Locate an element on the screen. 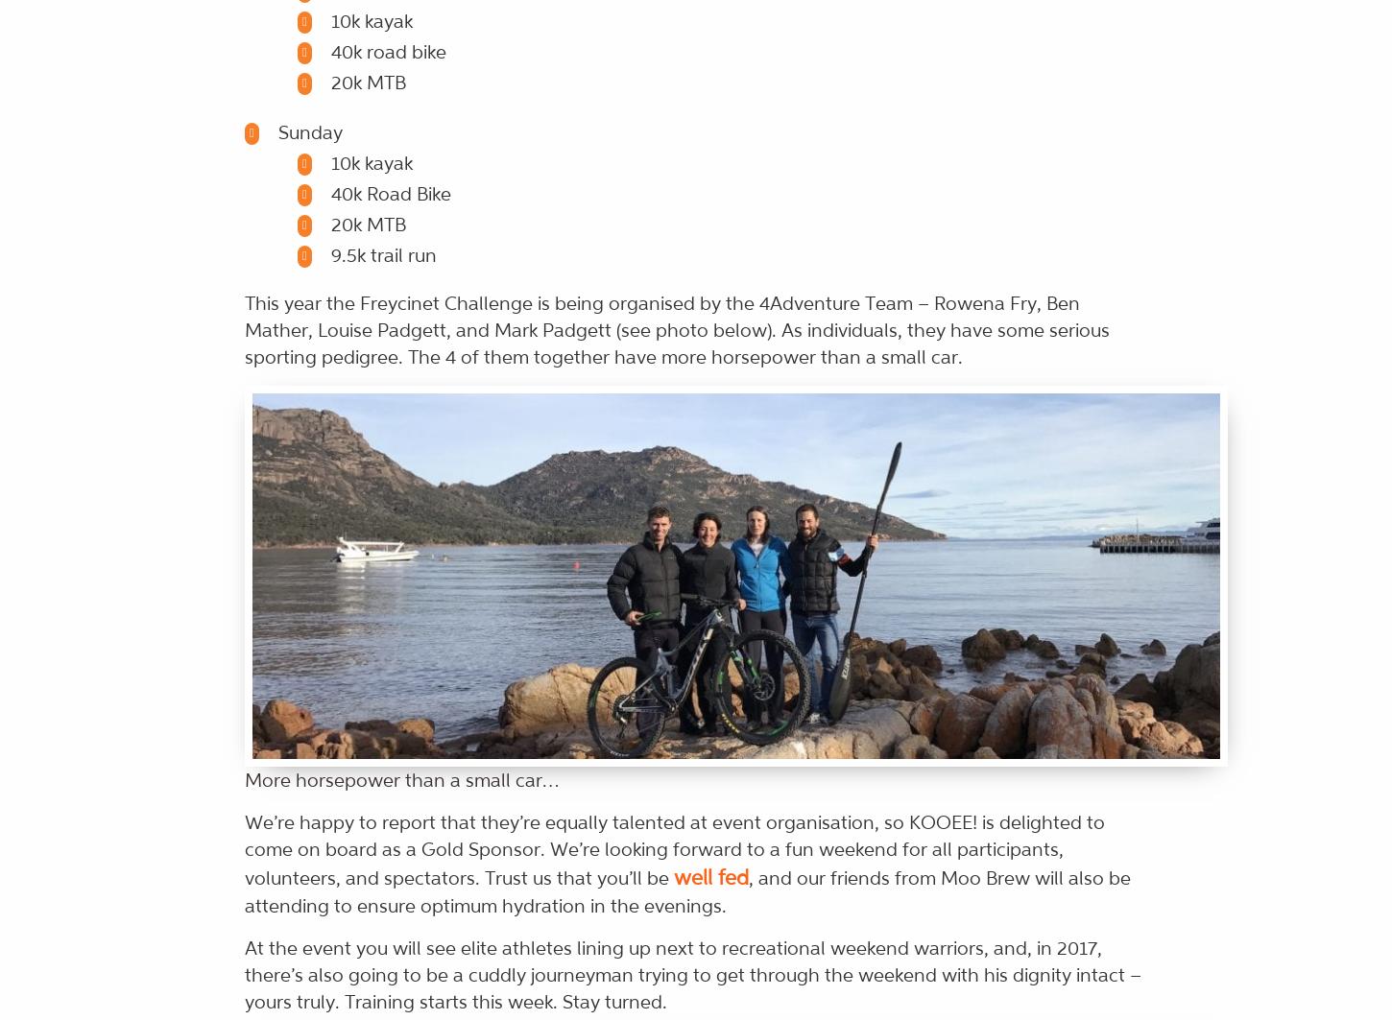  'More horsepower than a small car…' is located at coordinates (400, 778).